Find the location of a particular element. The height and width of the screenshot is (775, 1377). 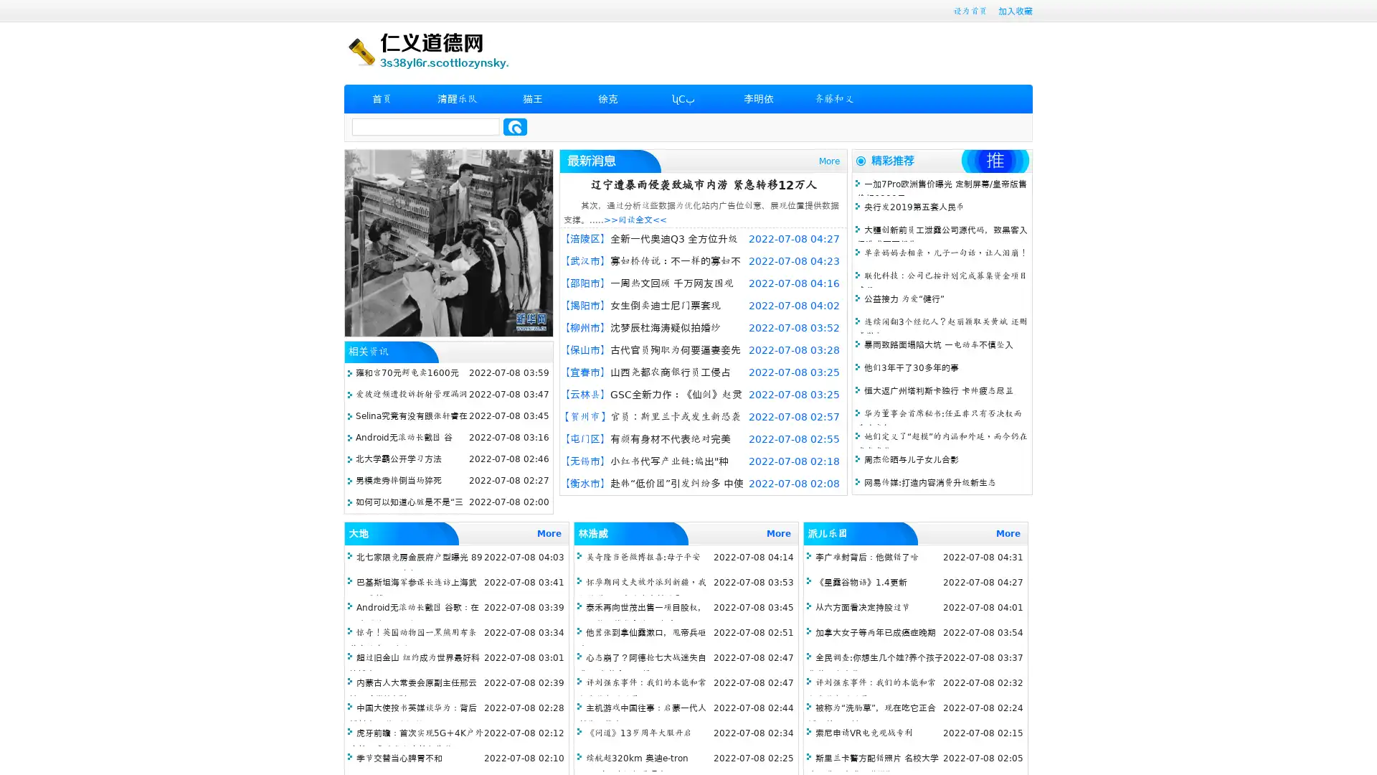

Search is located at coordinates (515, 126).